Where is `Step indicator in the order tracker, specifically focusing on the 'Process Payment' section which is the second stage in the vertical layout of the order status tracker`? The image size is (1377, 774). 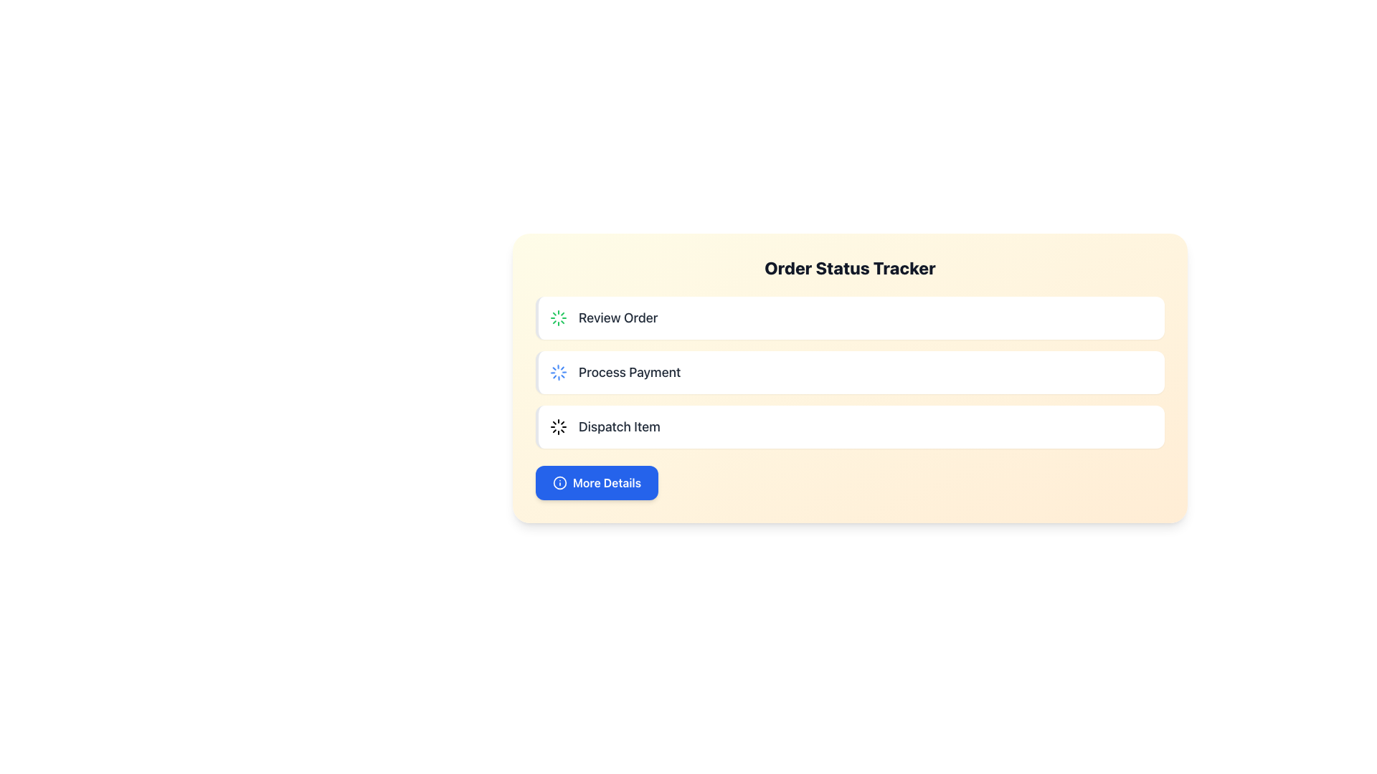 Step indicator in the order tracker, specifically focusing on the 'Process Payment' section which is the second stage in the vertical layout of the order status tracker is located at coordinates (850, 378).